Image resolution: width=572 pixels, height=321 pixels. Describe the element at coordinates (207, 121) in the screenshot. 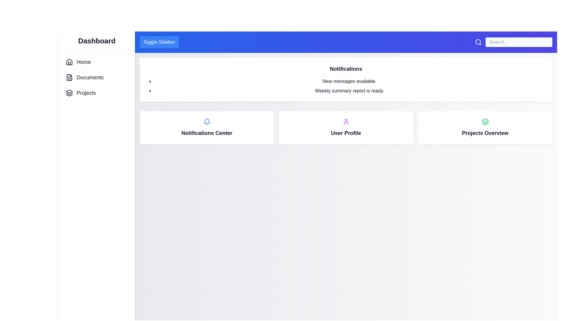

I see `the notification bell icon located at the top center of the interface, which is styled with a blue tint and represents notifications` at that location.